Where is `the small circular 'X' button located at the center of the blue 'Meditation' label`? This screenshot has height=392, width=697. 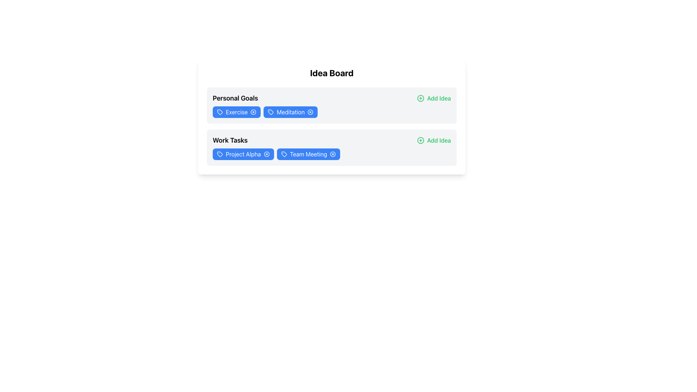
the small circular 'X' button located at the center of the blue 'Meditation' label is located at coordinates (310, 112).